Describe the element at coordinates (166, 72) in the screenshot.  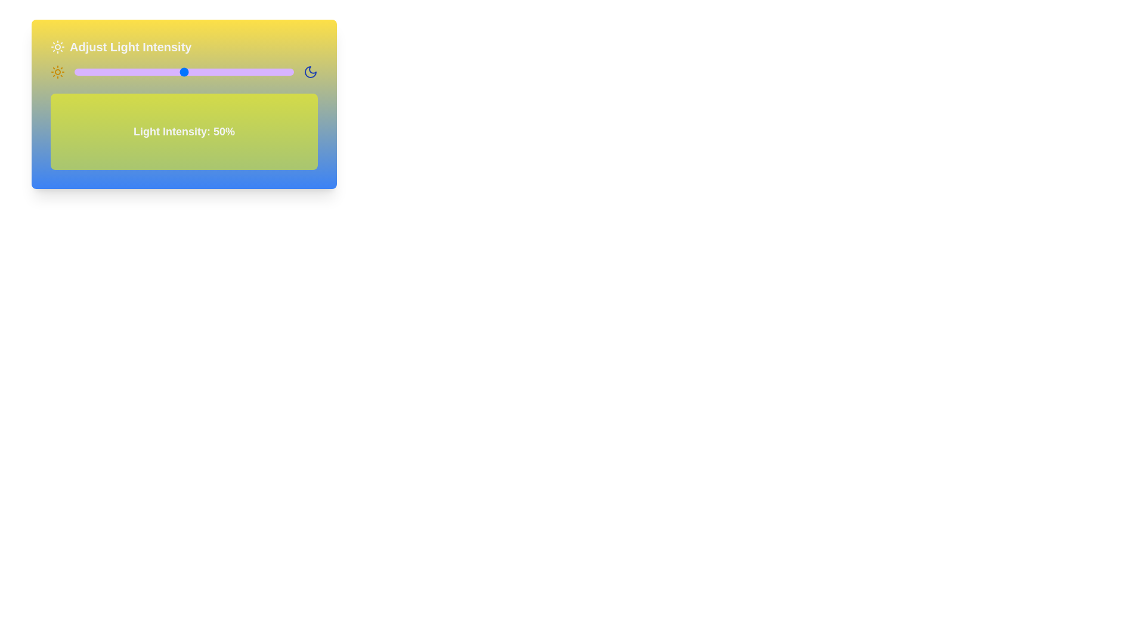
I see `the light intensity slider to 42% to observe the corresponding background changes` at that location.